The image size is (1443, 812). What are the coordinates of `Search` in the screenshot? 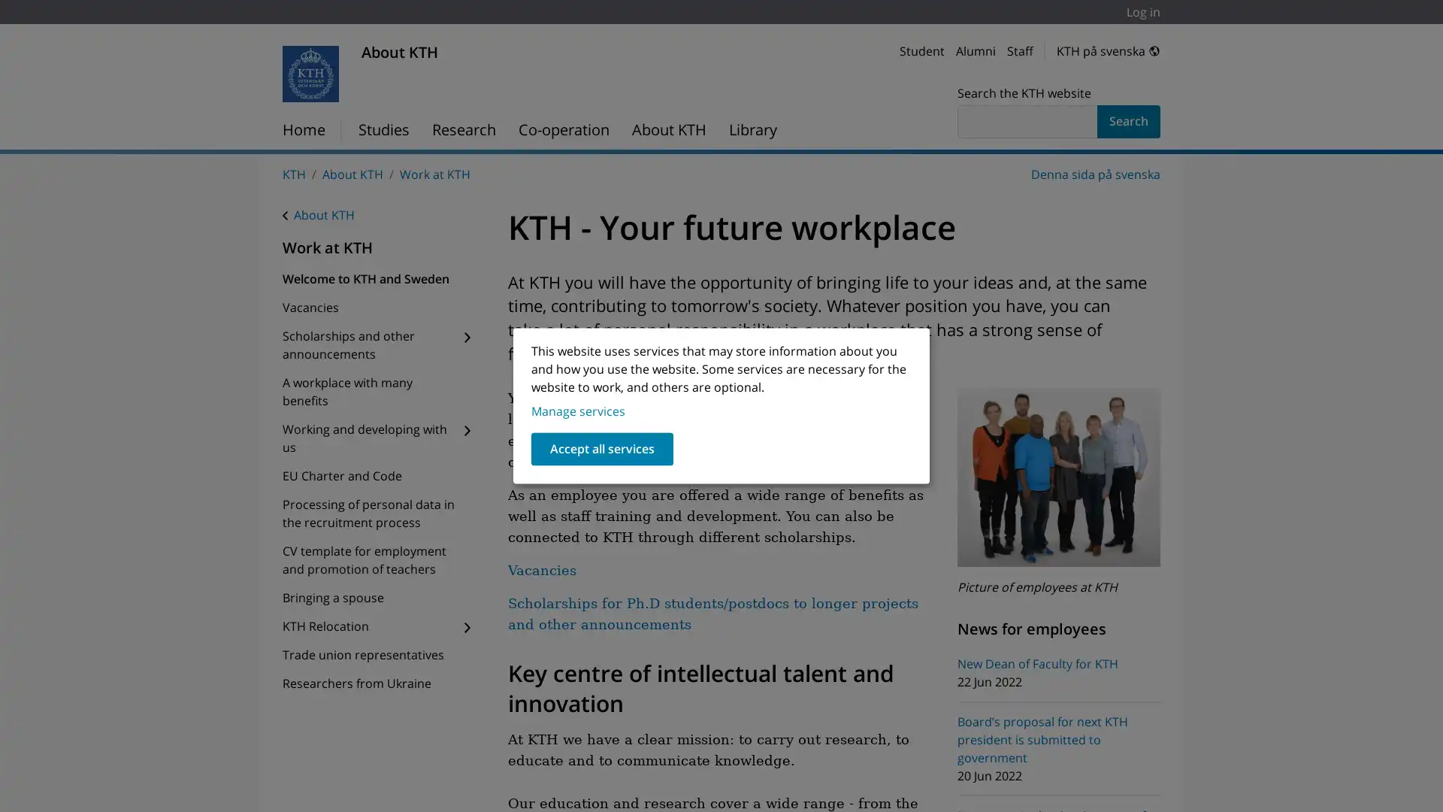 It's located at (1129, 121).